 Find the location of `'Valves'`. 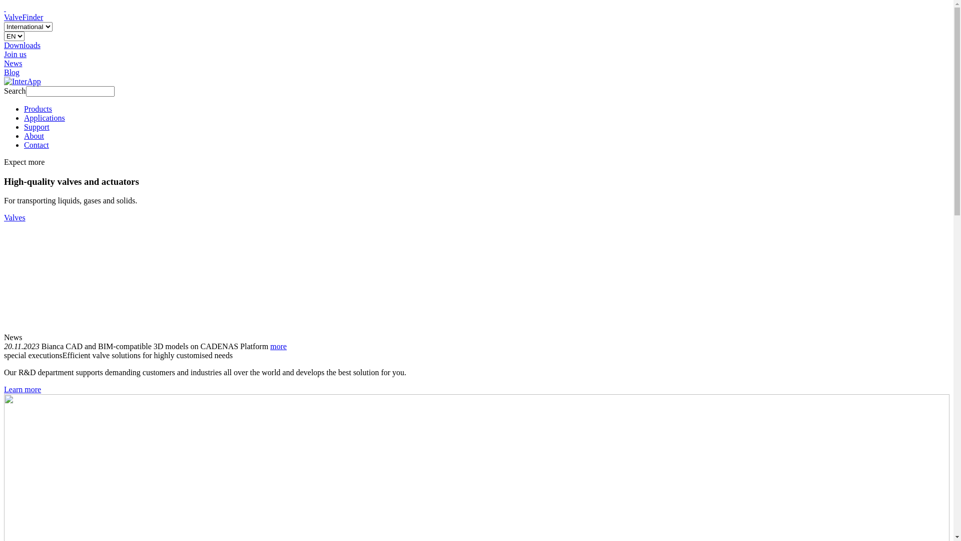

'Valves' is located at coordinates (15, 217).